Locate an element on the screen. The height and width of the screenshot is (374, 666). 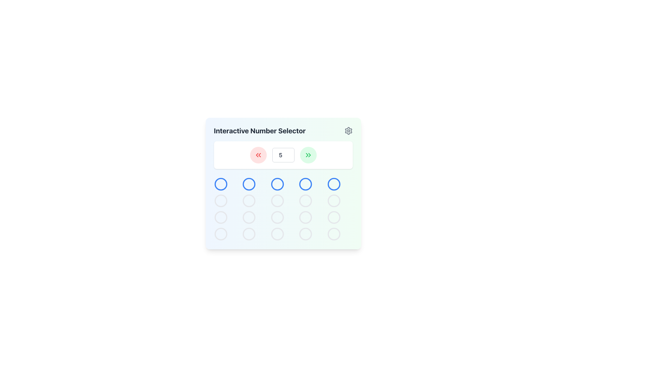
the inactive circular glyph with a gray border located in the third column and second row of the 5x5 grid layout is located at coordinates (277, 201).